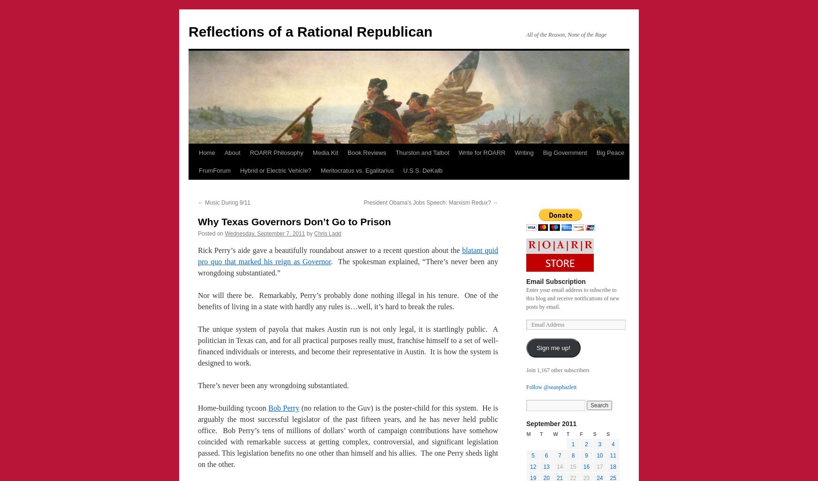  I want to click on 'There’s never been any wrongdoing substantiated.', so click(273, 385).